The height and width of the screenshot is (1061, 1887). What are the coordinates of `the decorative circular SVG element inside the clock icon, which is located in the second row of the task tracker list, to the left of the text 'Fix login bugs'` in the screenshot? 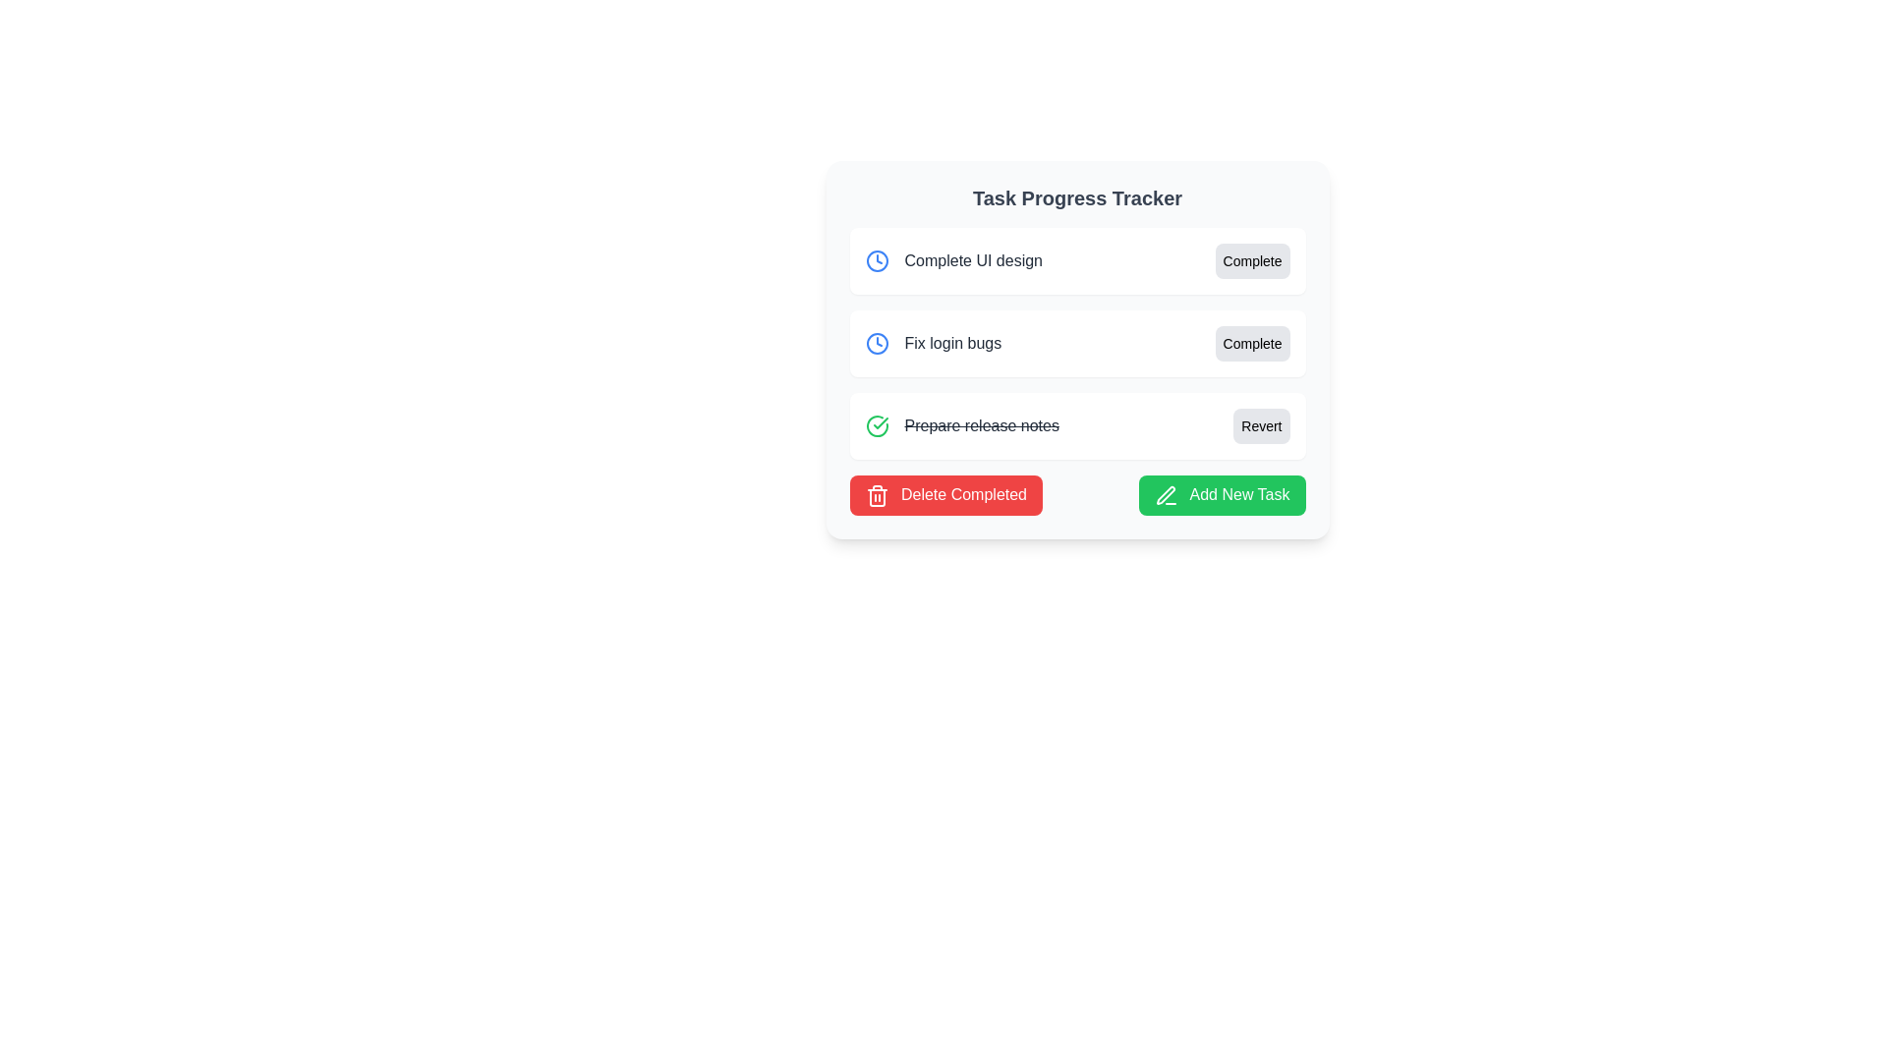 It's located at (876, 260).